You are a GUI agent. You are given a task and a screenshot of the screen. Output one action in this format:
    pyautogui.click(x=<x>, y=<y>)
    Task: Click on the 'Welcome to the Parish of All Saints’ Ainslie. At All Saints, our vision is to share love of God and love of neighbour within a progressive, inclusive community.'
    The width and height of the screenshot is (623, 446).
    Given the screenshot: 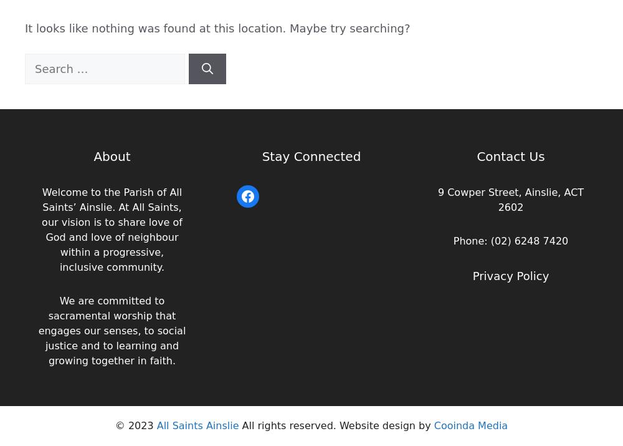 What is the action you would take?
    pyautogui.click(x=112, y=229)
    